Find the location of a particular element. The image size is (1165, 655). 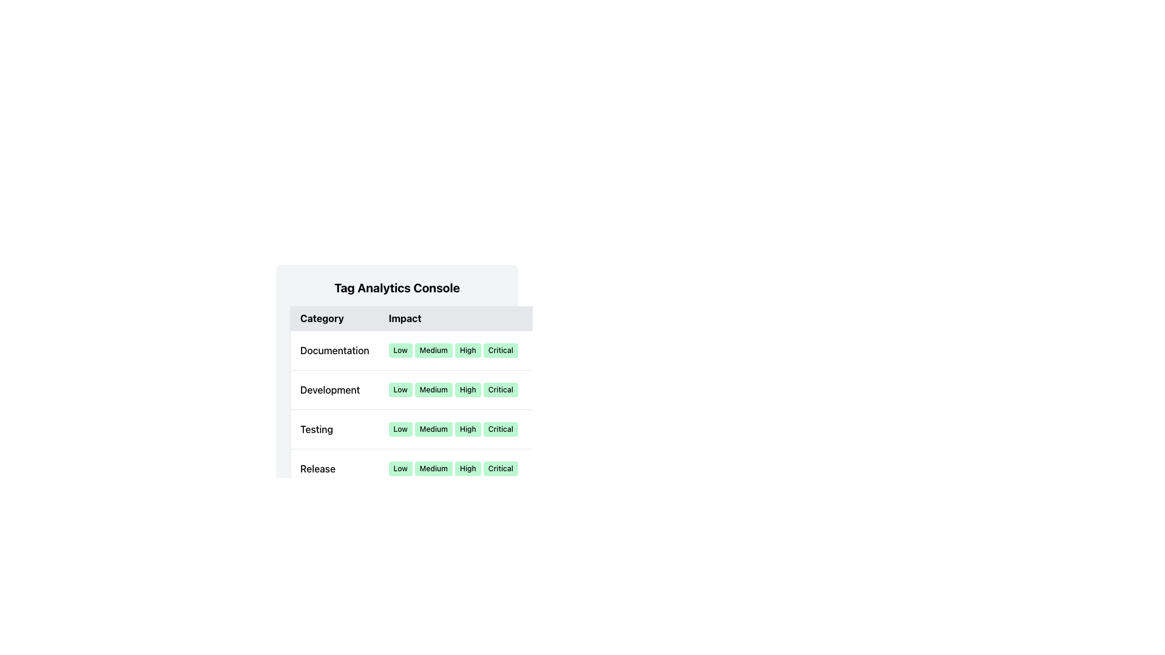

the labels in the table row containing 'Documentation' and its associated status bubbles labeled 'Low', 'Medium', 'High', and 'Critical' is located at coordinates (436, 351).